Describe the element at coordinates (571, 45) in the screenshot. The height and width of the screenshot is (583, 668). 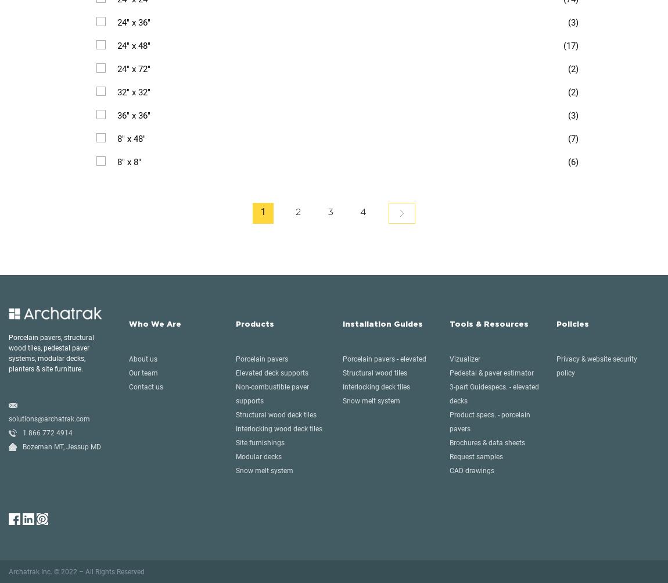
I see `'(17)'` at that location.